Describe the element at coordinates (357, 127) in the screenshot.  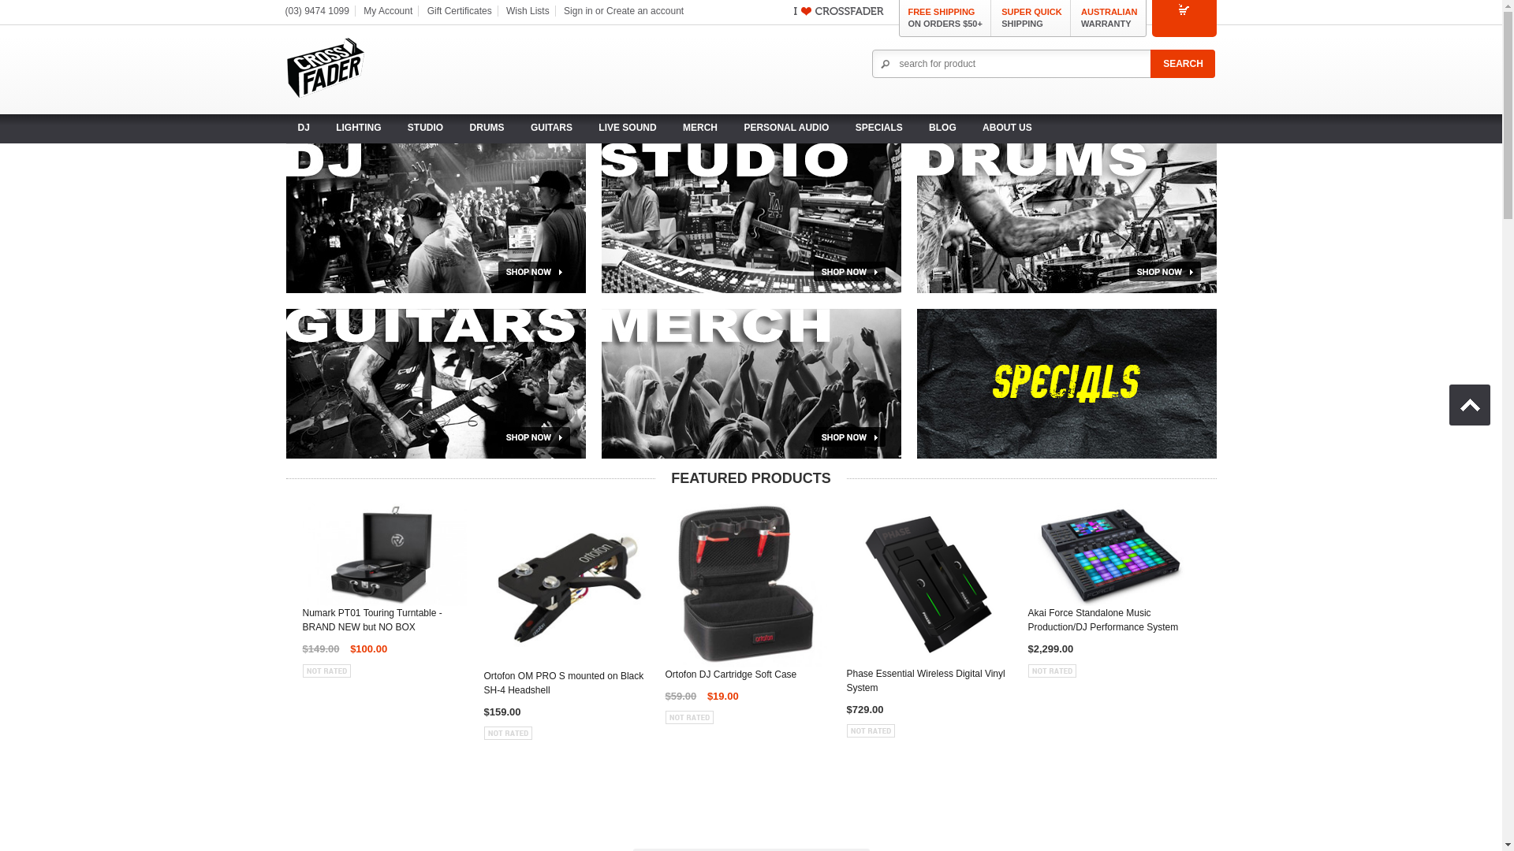
I see `'LIGHTING'` at that location.